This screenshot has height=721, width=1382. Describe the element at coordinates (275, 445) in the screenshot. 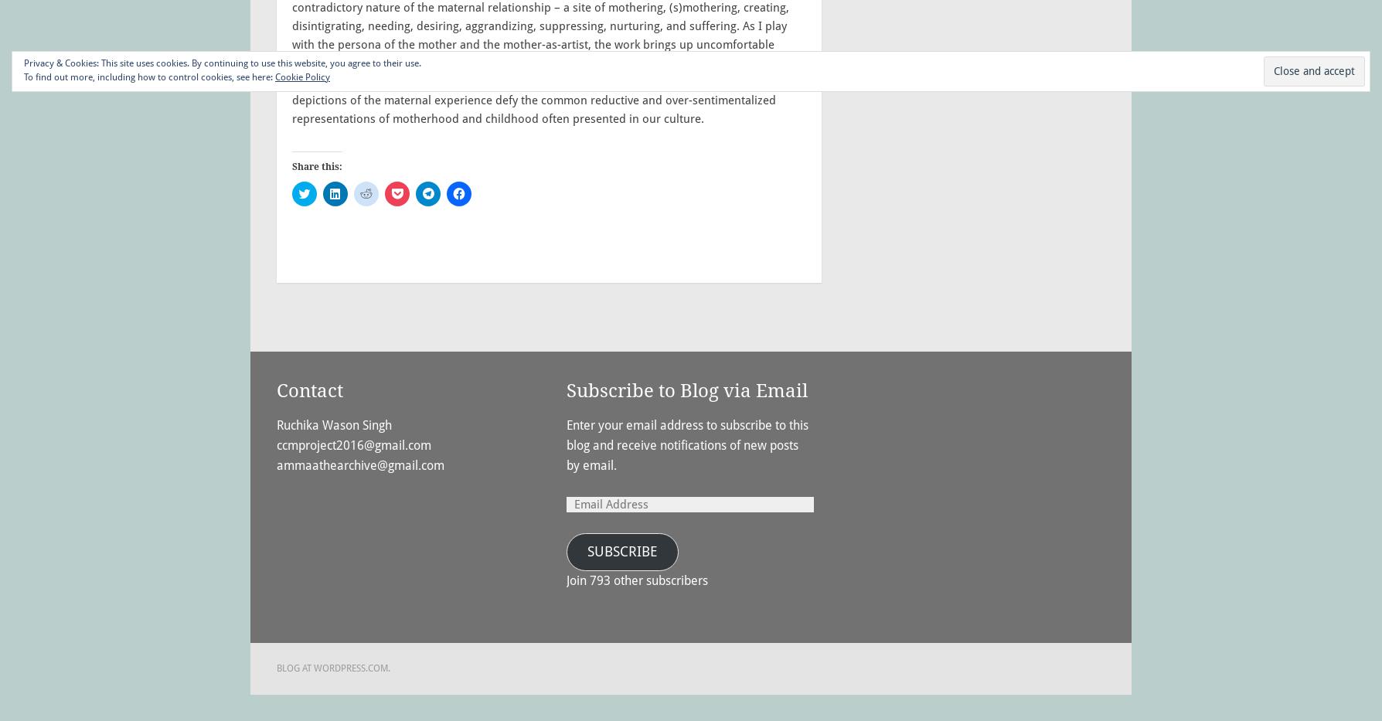

I see `'ccmproject2016@gmail.com'` at that location.